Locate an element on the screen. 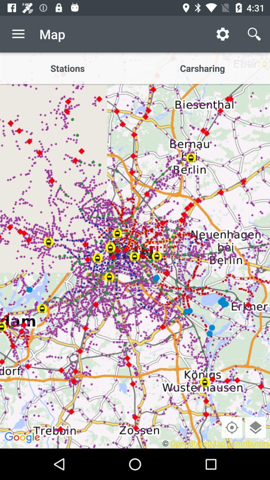 The image size is (270, 480). clique para saber sua localizao is located at coordinates (232, 427).